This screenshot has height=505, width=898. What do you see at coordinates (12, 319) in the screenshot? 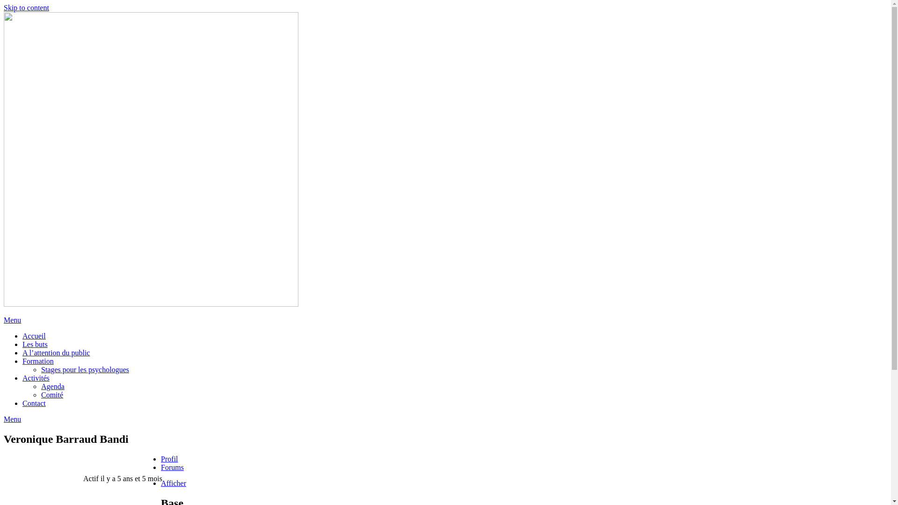
I see `'Menu'` at bounding box center [12, 319].